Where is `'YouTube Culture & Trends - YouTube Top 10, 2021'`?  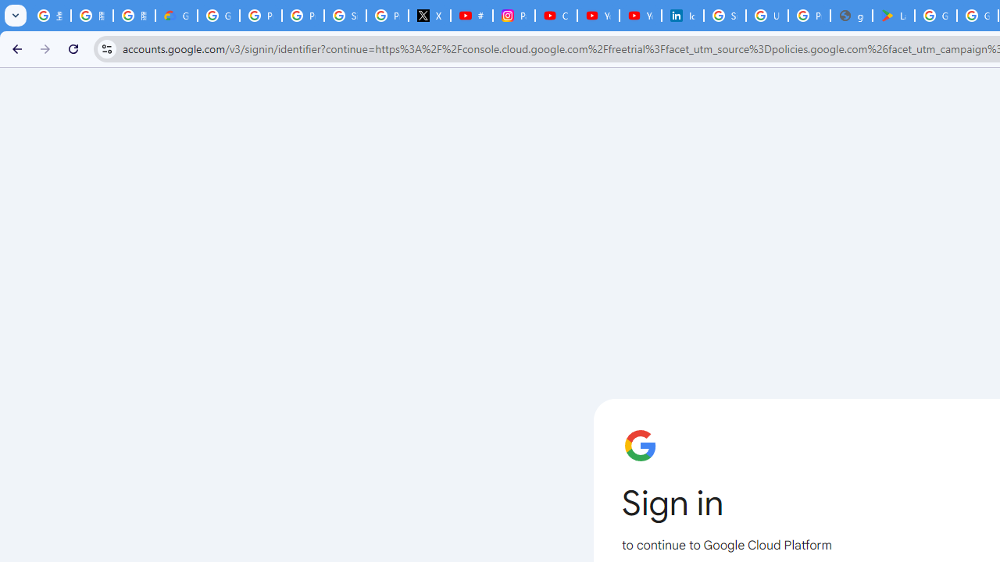
'YouTube Culture & Trends - YouTube Top 10, 2021' is located at coordinates (640, 16).